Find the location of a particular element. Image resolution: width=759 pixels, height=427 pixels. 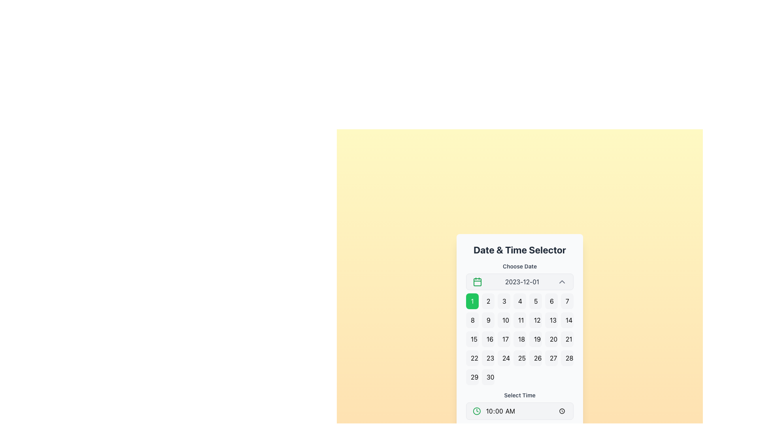

the button representing the 13th day of the month in the calendar grid is located at coordinates (551, 320).